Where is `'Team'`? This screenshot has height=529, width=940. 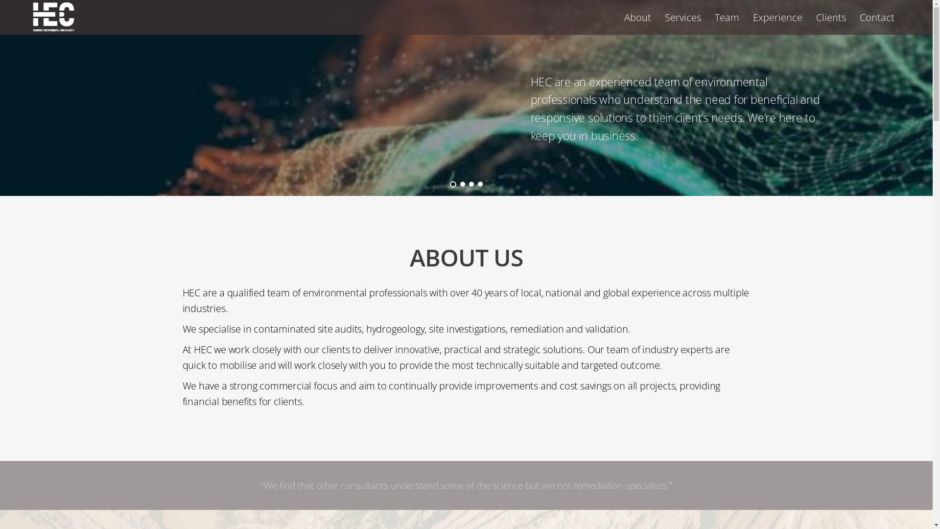 'Team' is located at coordinates (727, 17).